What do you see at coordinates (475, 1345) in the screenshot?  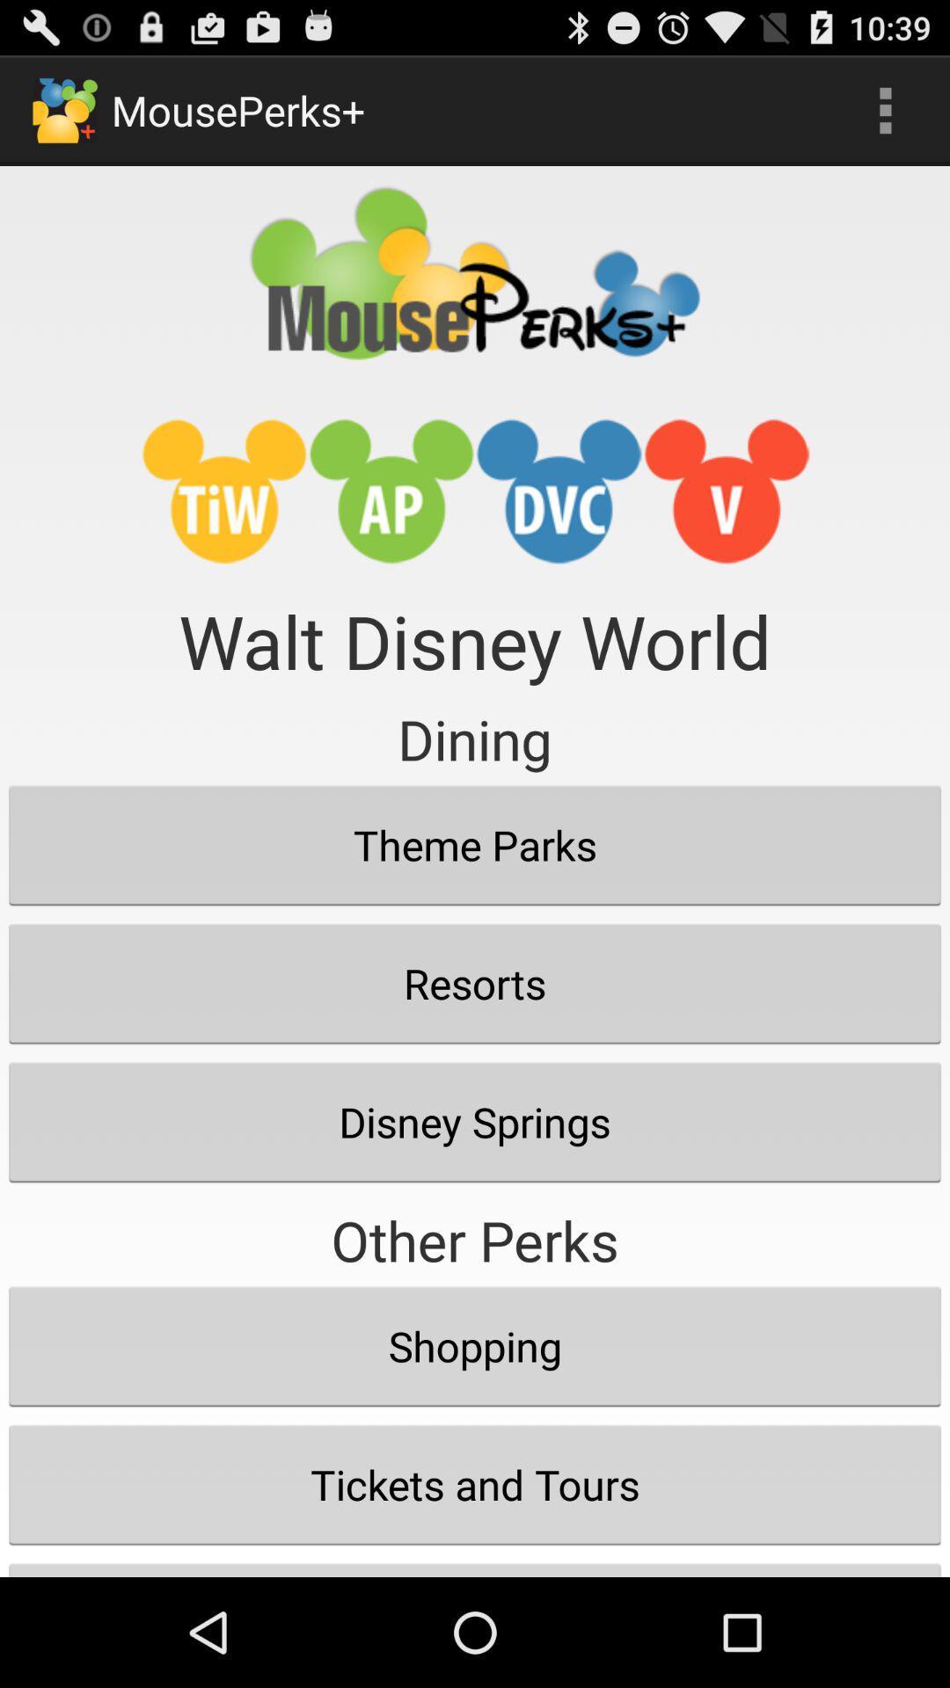 I see `icon below other perks` at bounding box center [475, 1345].